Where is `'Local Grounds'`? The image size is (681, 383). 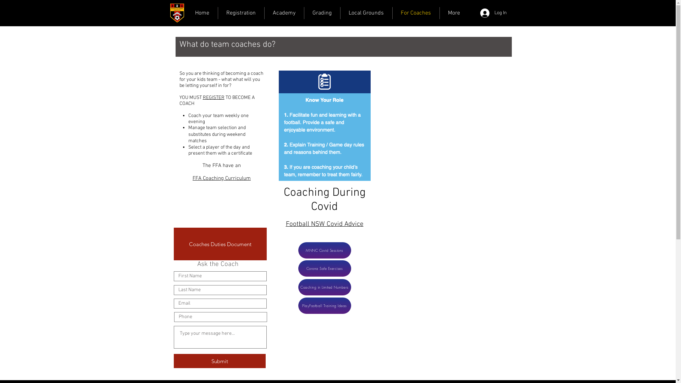
'Local Grounds' is located at coordinates (366, 13).